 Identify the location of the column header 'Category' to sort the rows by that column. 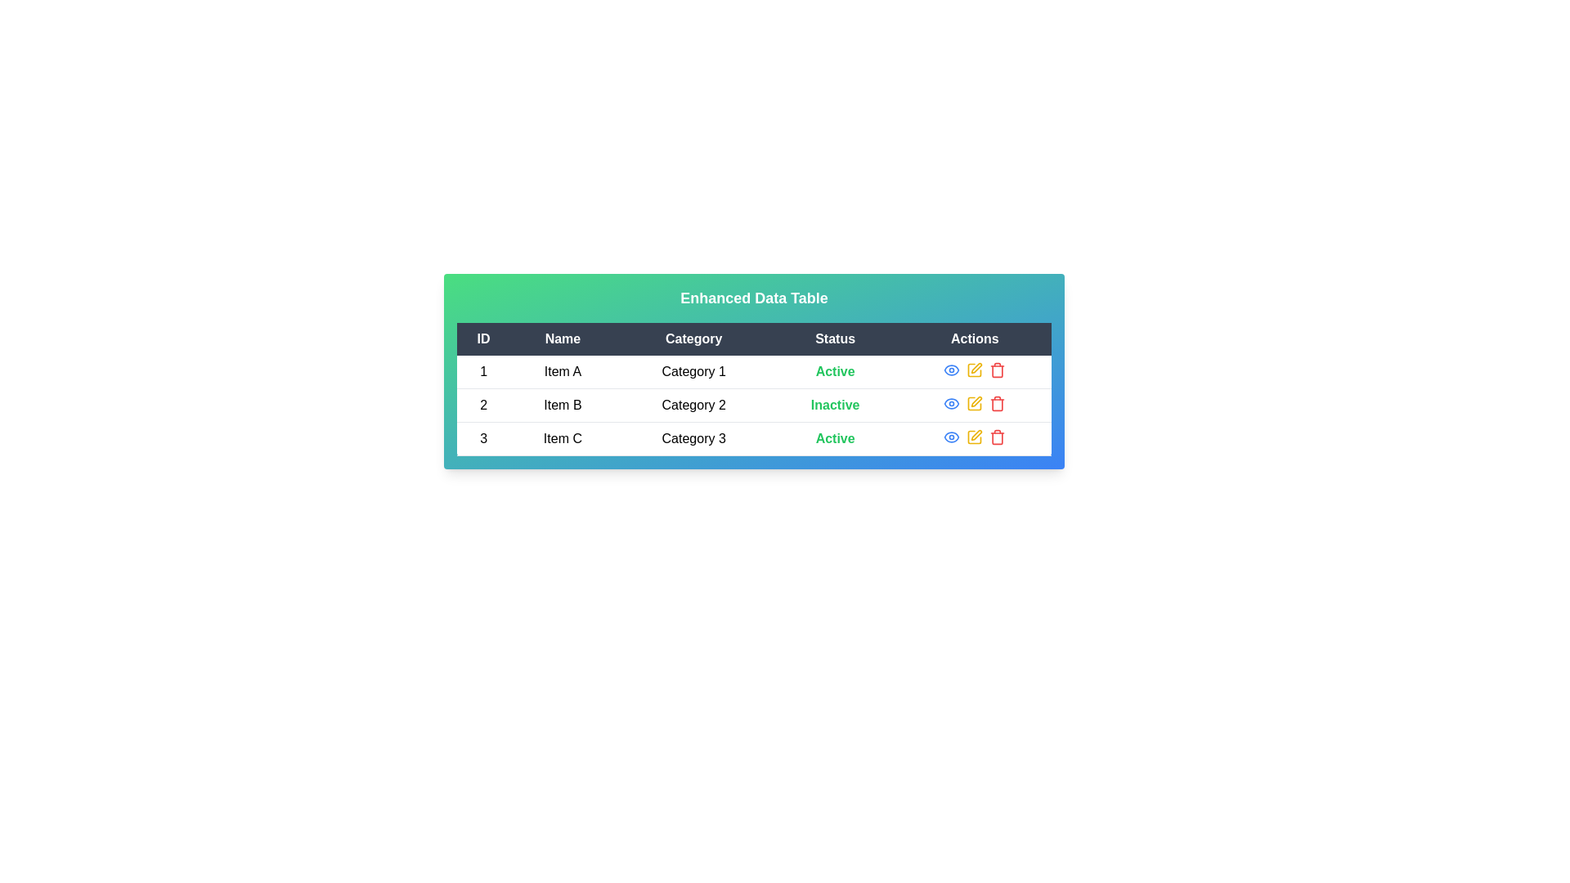
(693, 338).